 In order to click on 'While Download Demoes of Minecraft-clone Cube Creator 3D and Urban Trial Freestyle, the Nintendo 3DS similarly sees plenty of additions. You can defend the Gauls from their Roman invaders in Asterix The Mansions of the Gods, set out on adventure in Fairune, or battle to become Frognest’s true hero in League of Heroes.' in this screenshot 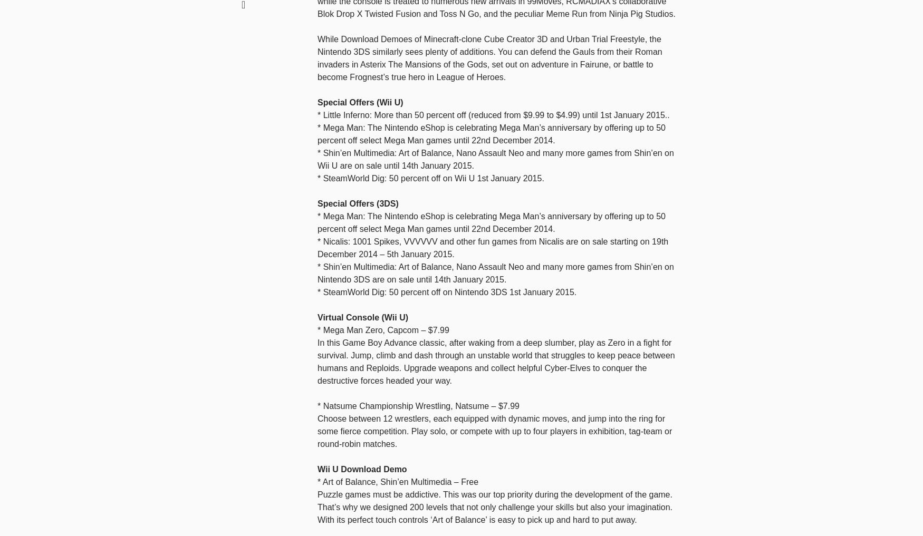, I will do `click(489, 57)`.